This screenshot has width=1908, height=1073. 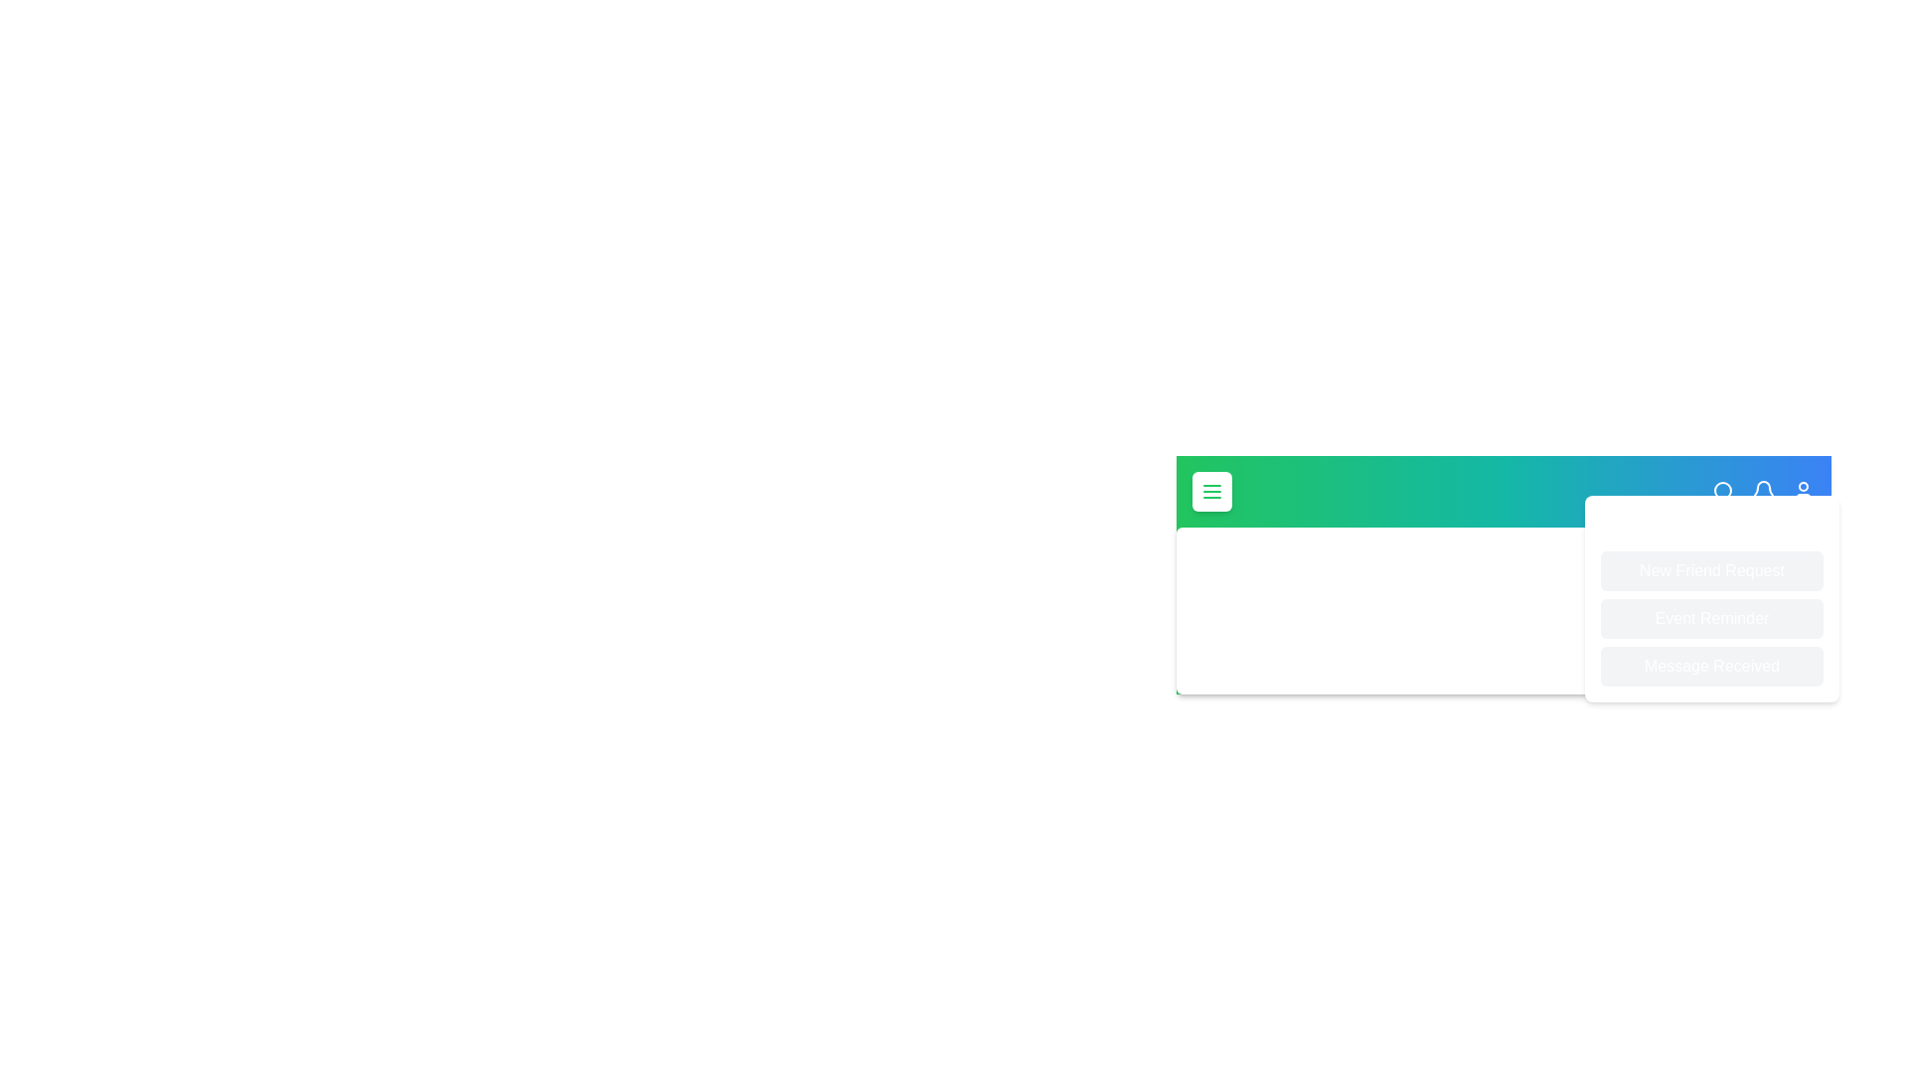 What do you see at coordinates (1210, 491) in the screenshot?
I see `the menu button to toggle the menu visibility` at bounding box center [1210, 491].